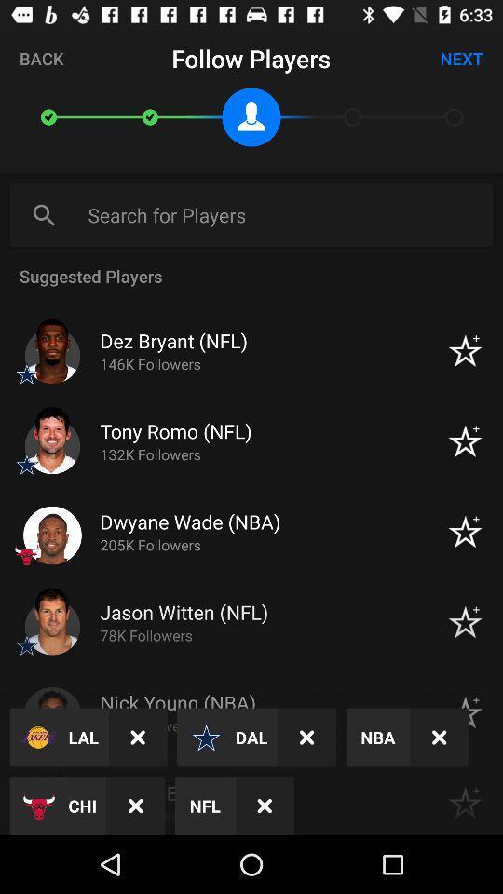 This screenshot has height=894, width=503. What do you see at coordinates (439, 738) in the screenshot?
I see `the close icon` at bounding box center [439, 738].